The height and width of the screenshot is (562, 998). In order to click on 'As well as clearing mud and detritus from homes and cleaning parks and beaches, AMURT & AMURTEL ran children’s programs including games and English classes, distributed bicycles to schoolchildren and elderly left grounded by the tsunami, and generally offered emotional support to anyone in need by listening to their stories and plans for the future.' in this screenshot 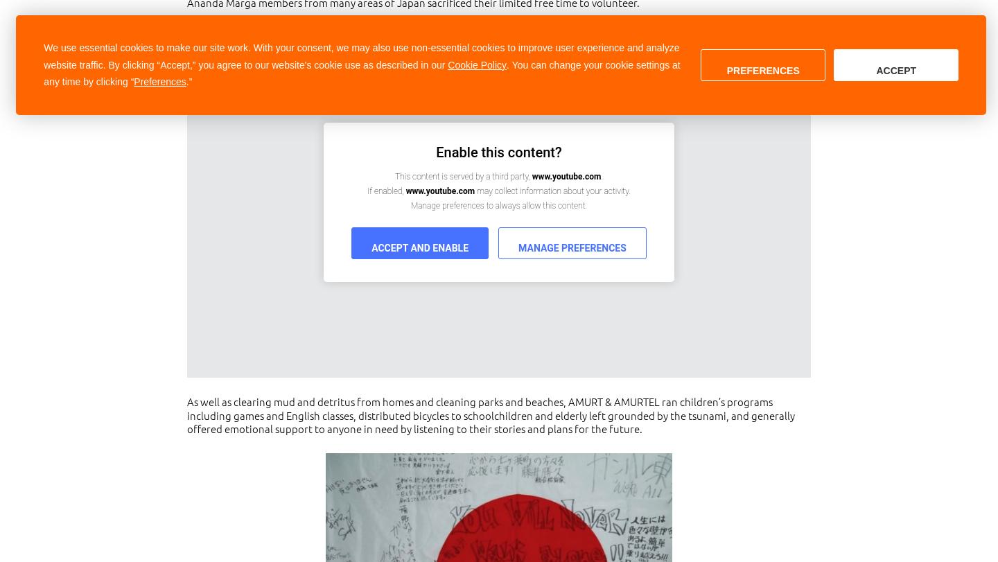, I will do `click(491, 416)`.